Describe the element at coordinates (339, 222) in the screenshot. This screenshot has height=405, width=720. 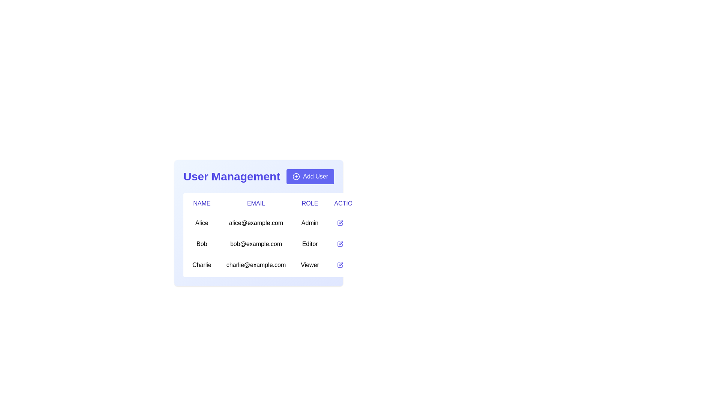
I see `the button with a pen icon located in the 'Action' column of the 'User Management' table for the user 'Alice'` at that location.